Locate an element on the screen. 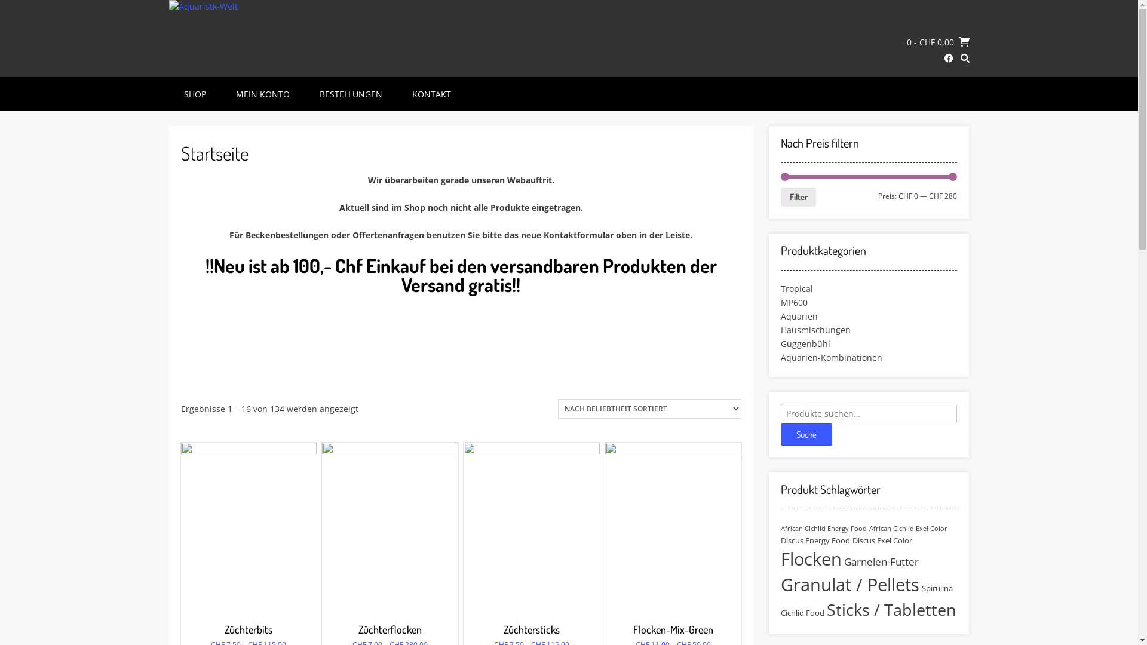 This screenshot has height=645, width=1147. 'Sticks / Tabletten' is located at coordinates (891, 610).